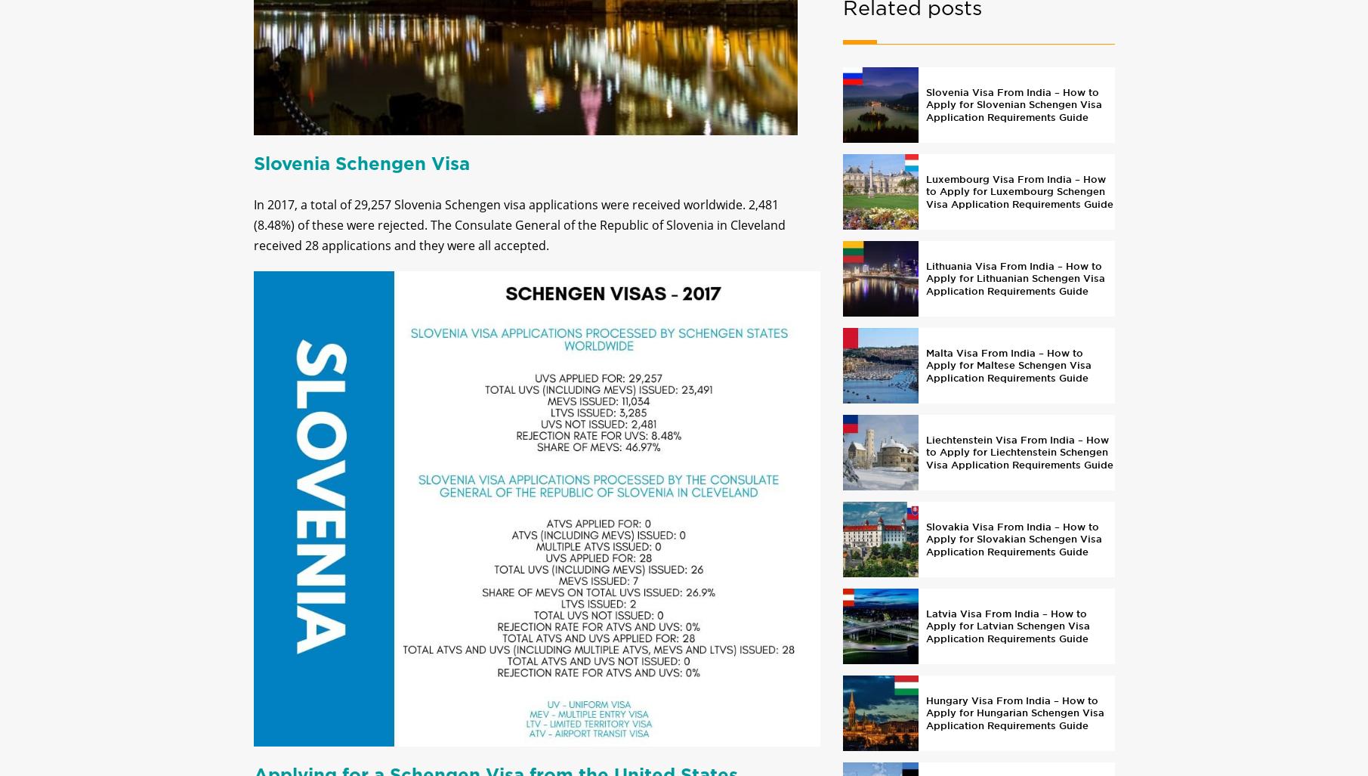 This screenshot has width=1368, height=776. What do you see at coordinates (925, 464) in the screenshot?
I see `'Liechtenstein Visa From India – How to Apply for Liechtenstein Schengen Visa Application Requirements Guide'` at bounding box center [925, 464].